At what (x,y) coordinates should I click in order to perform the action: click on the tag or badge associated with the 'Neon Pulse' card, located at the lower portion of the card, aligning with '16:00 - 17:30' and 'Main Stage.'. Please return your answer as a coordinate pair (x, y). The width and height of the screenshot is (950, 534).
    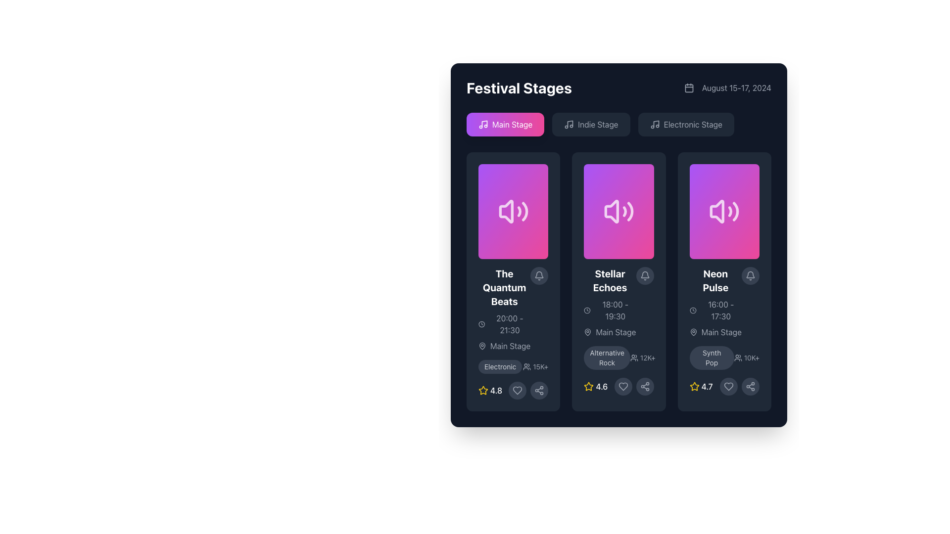
    Looking at the image, I should click on (711, 358).